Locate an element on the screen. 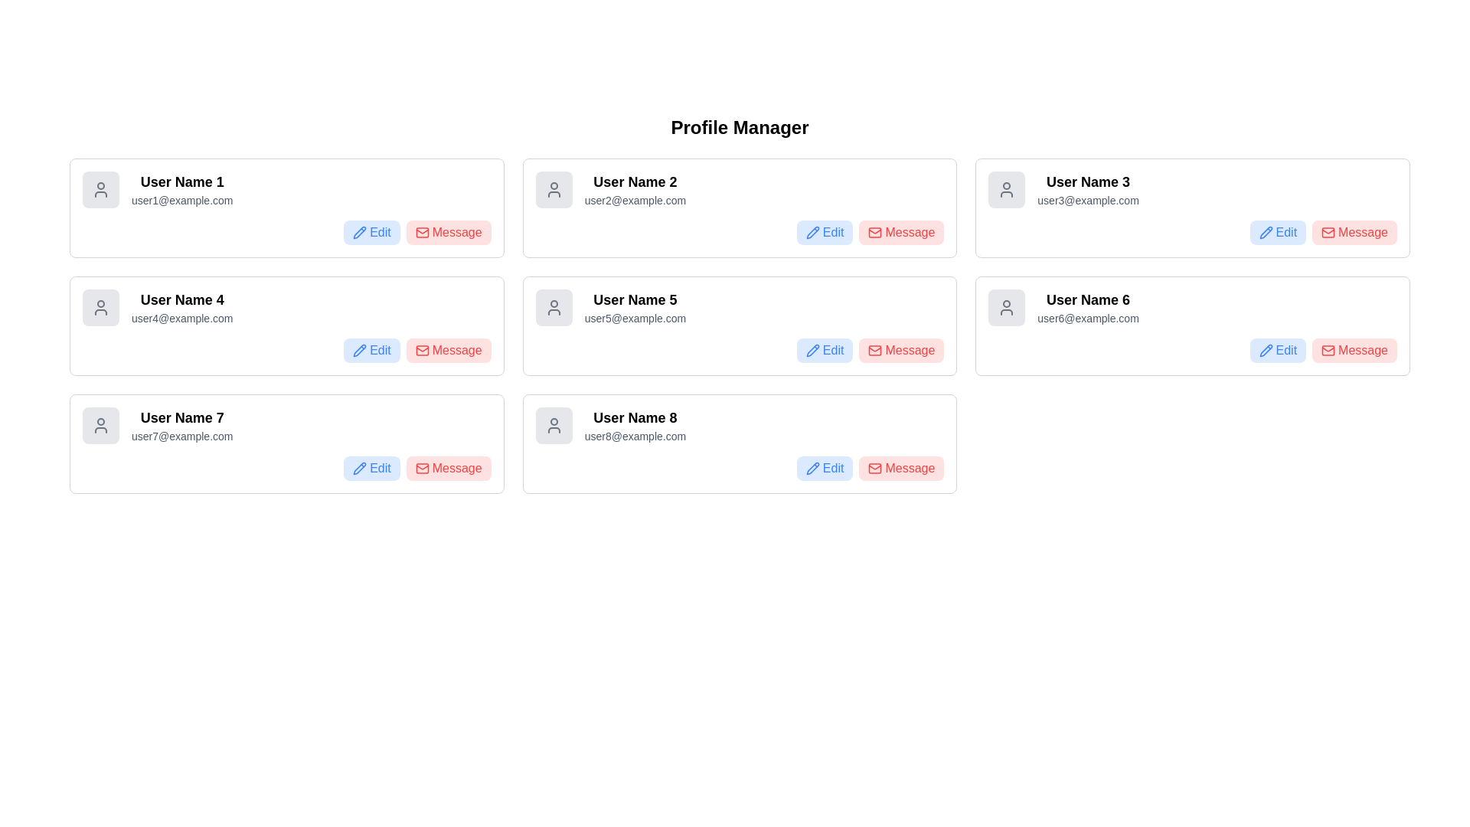 The image size is (1470, 827). the edit button for 'User Name 4' to initiate editing is located at coordinates (371, 351).